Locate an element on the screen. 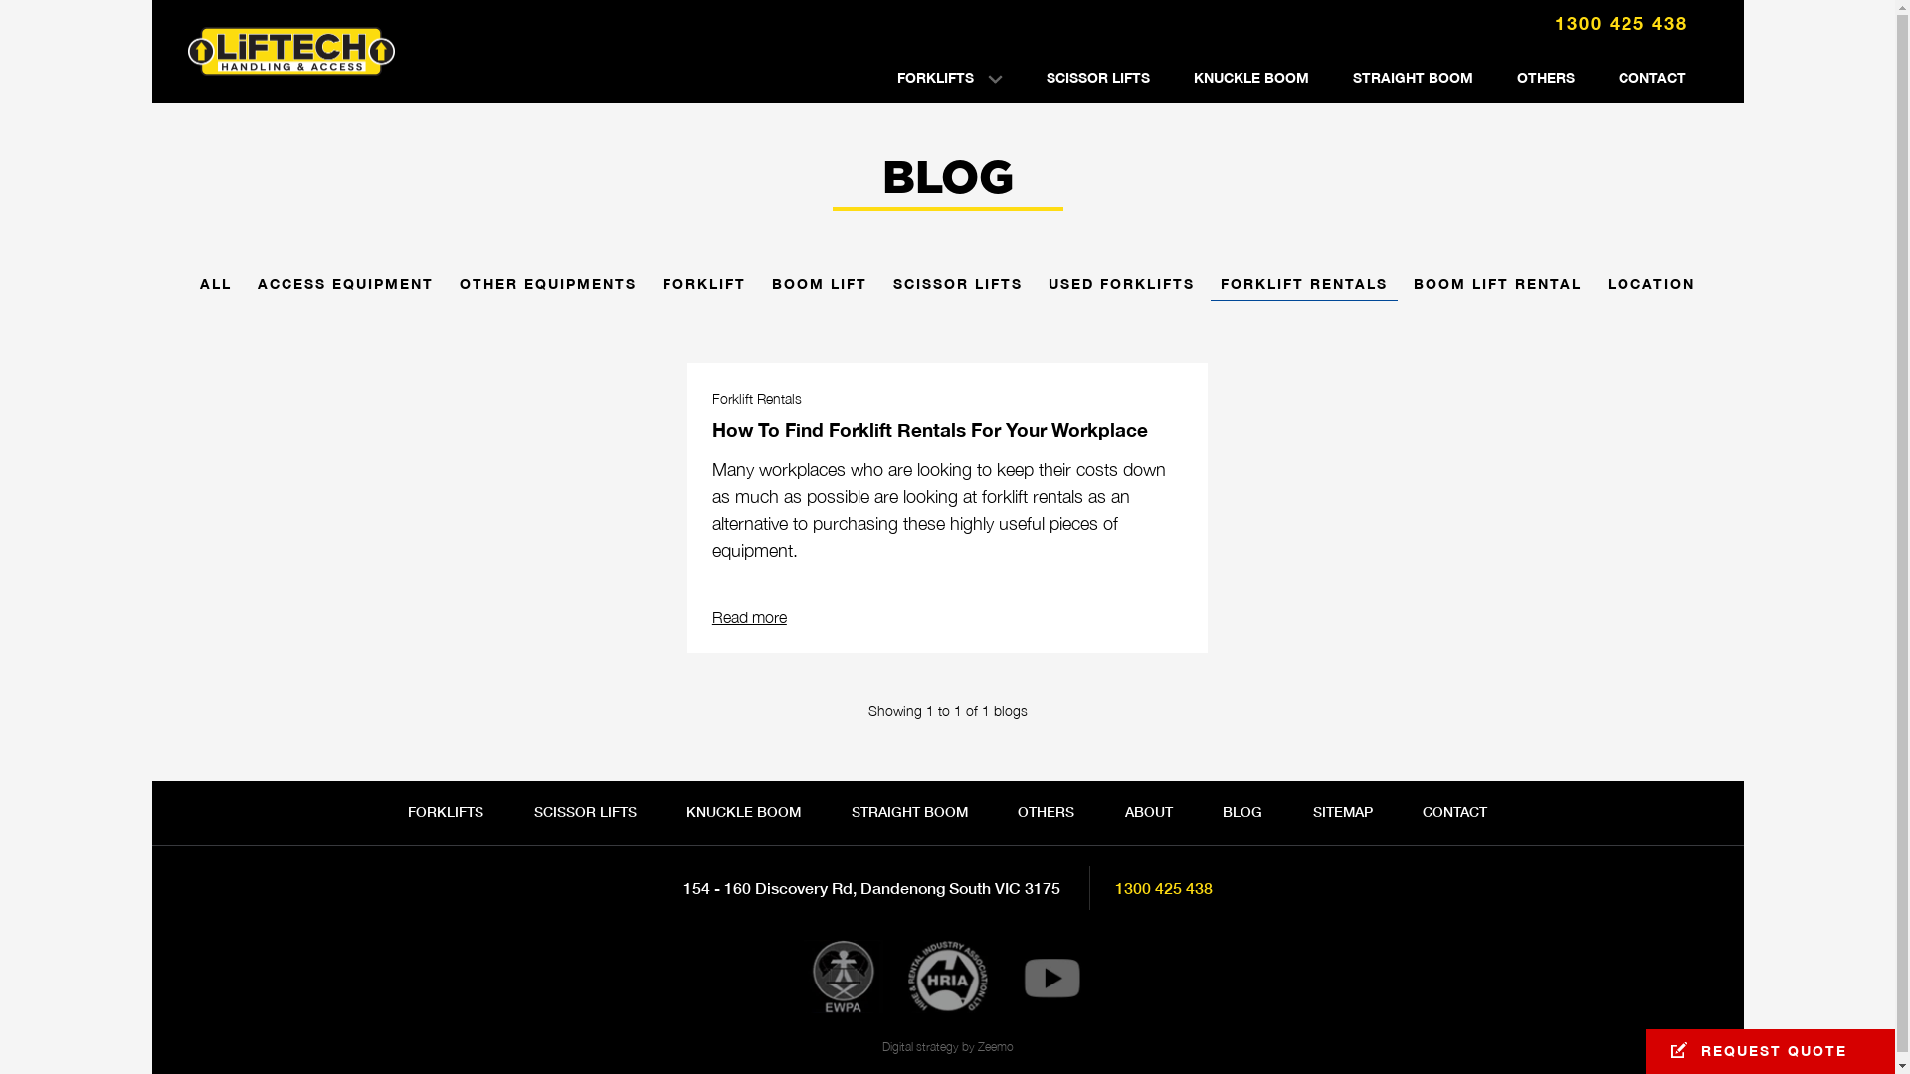 The width and height of the screenshot is (1910, 1074). 'Zeemo' is located at coordinates (994, 1045).